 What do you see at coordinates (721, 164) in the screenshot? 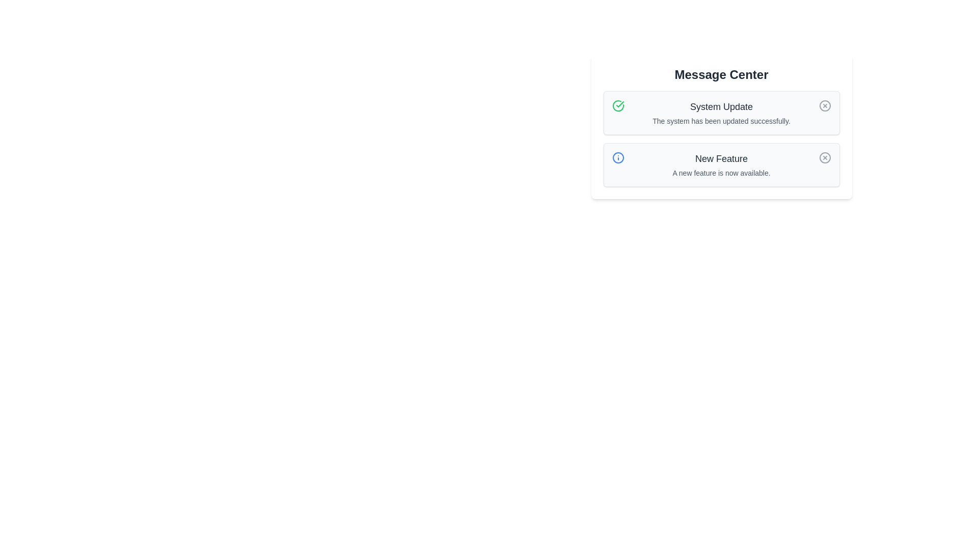
I see `the Informational Text Block displaying the title 'New Feature' and description 'A new feature is now available.'` at bounding box center [721, 164].